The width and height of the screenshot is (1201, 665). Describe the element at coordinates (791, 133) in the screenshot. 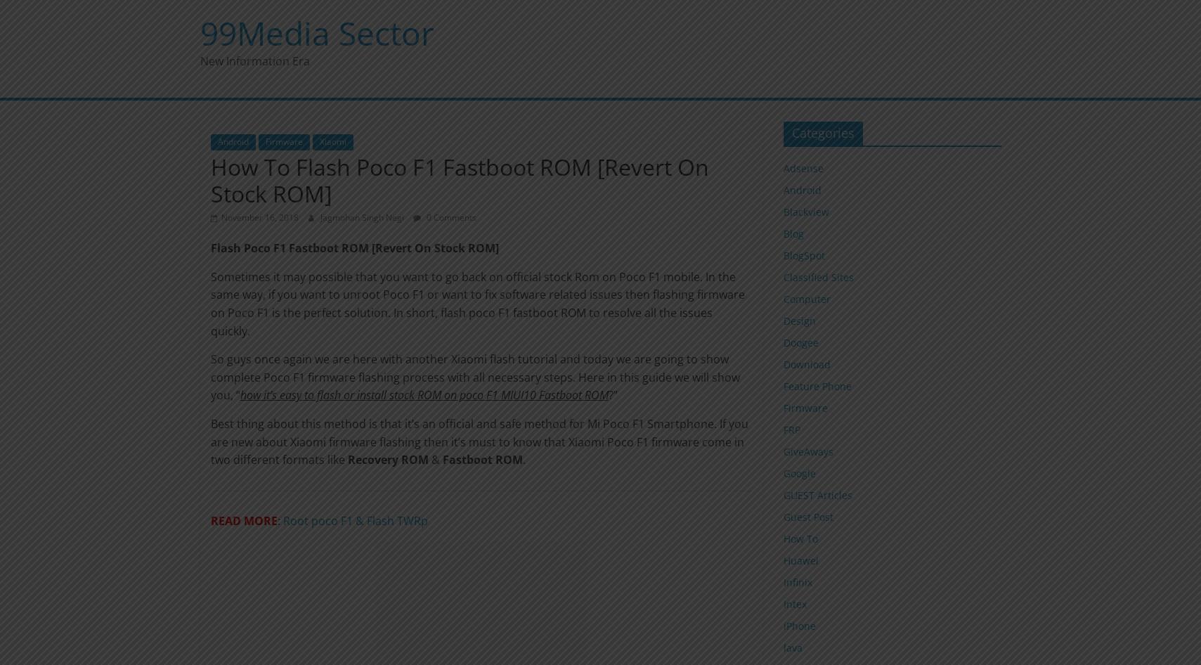

I see `'Categories'` at that location.